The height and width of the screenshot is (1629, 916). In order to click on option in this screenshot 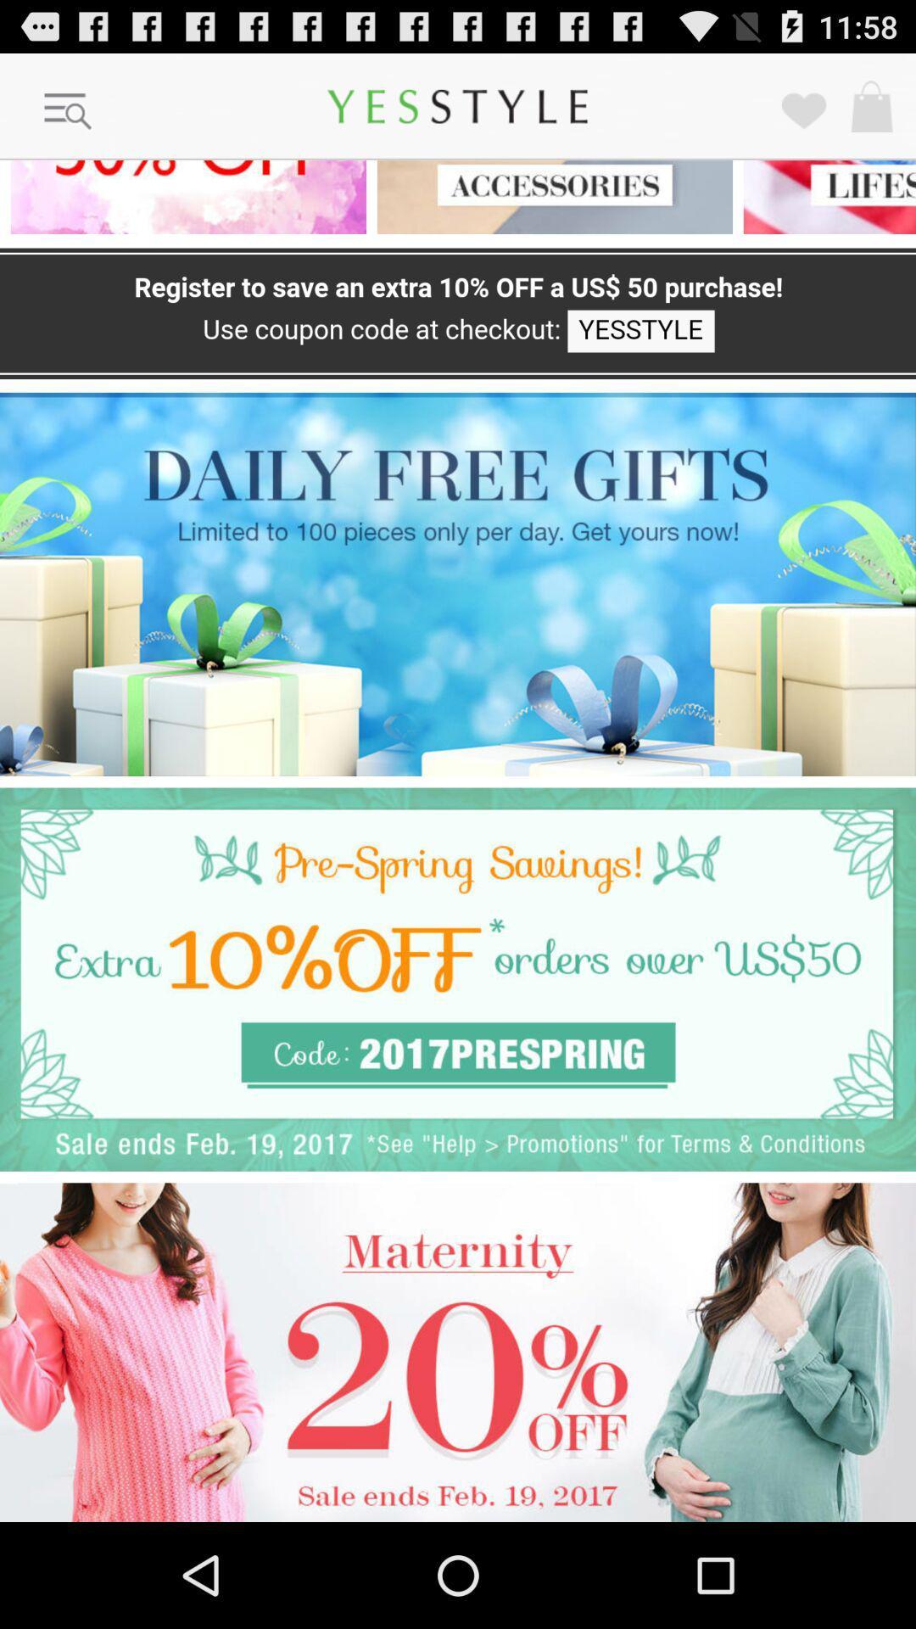, I will do `click(458, 584)`.